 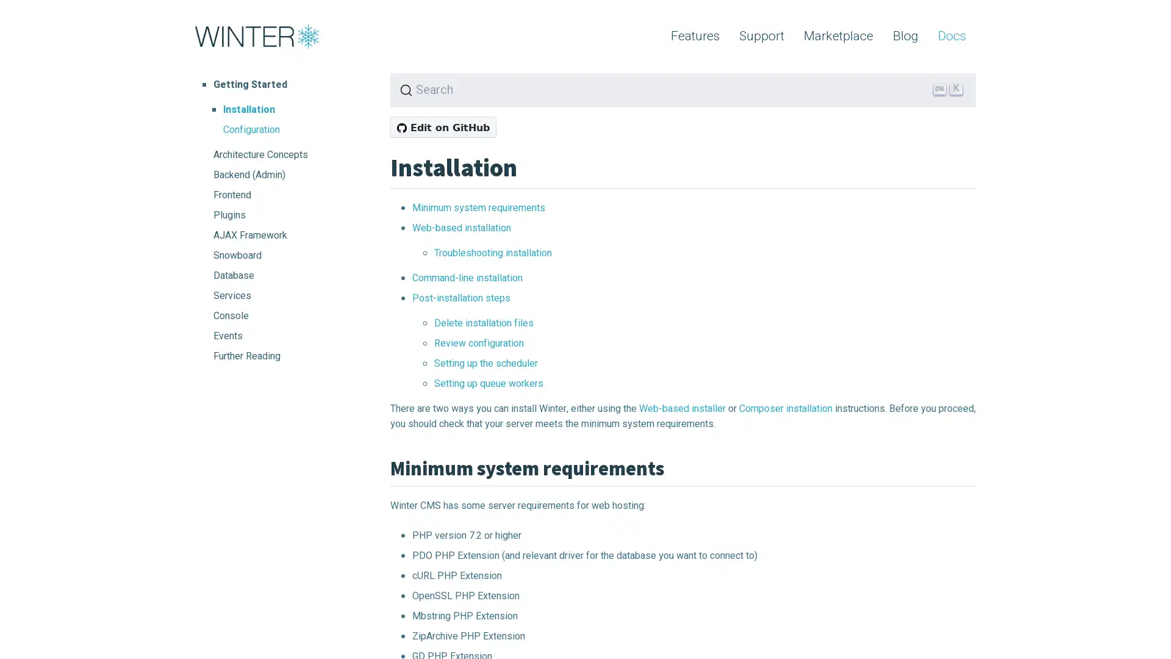 I want to click on Search, so click(x=682, y=89).